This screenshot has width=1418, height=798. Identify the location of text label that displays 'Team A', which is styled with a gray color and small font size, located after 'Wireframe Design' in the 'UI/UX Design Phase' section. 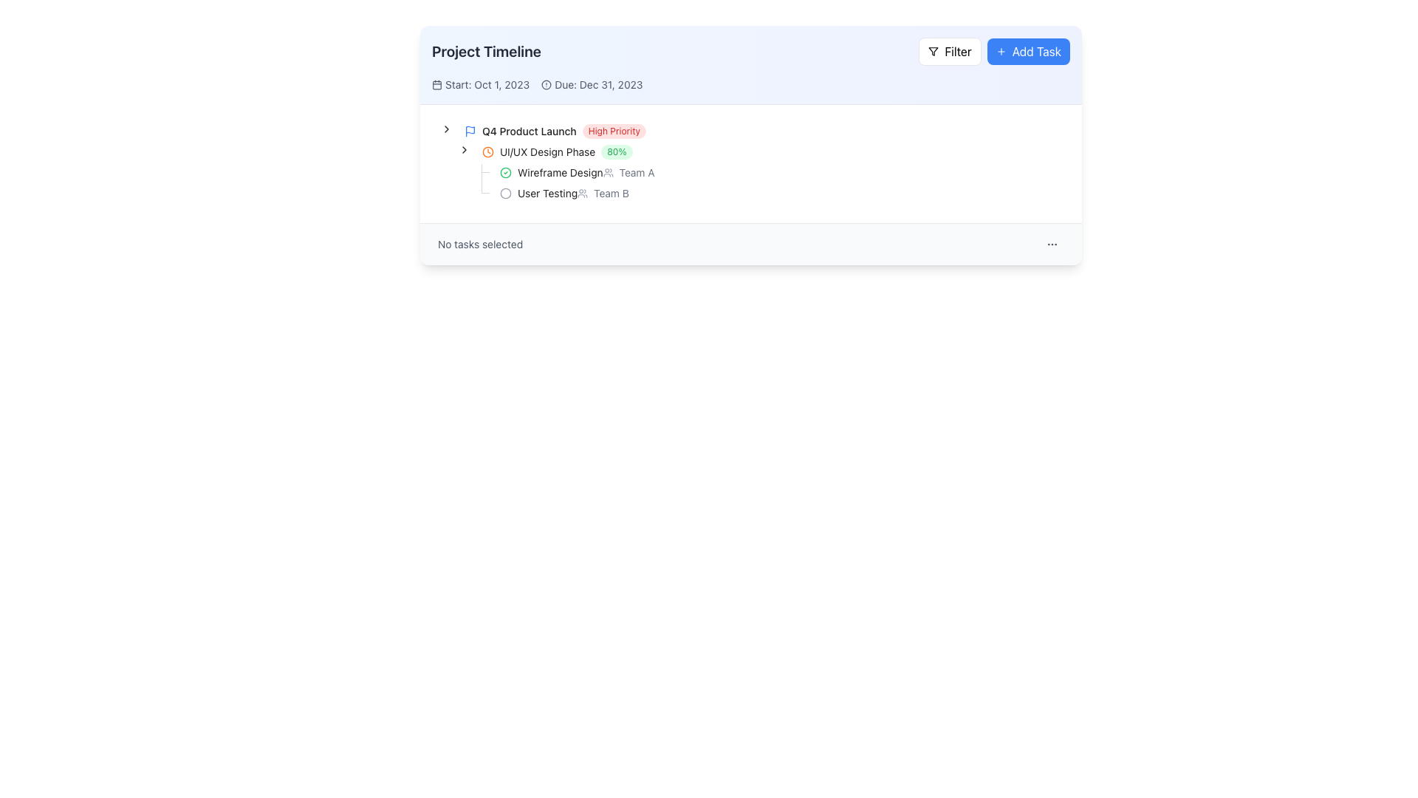
(637, 172).